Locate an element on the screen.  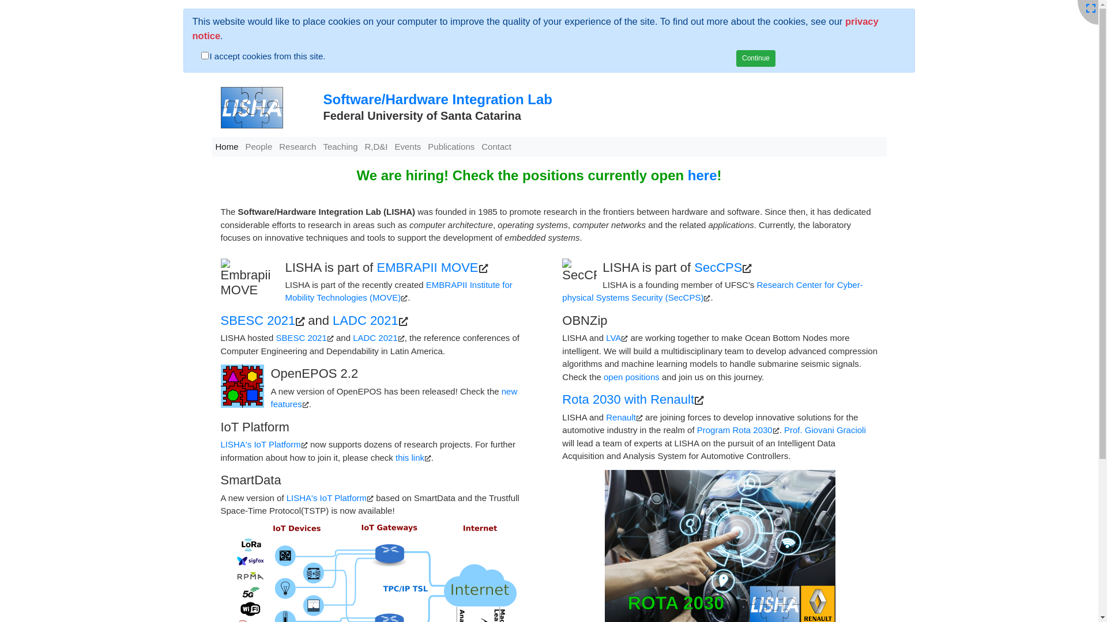
'Program Rota 2030' is located at coordinates (734, 430).